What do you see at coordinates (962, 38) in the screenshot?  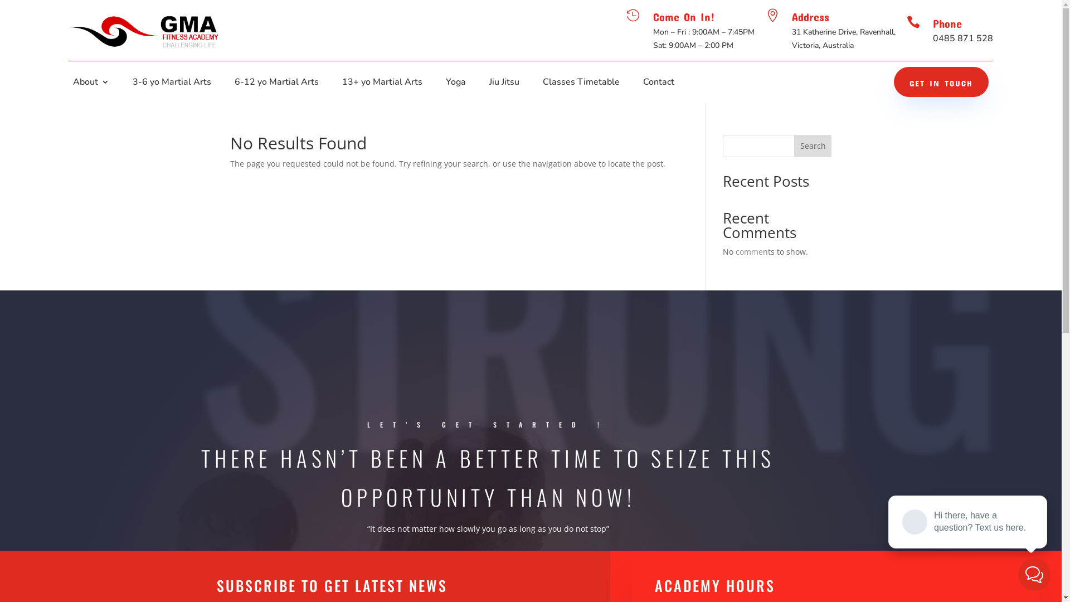 I see `'0485 871 528'` at bounding box center [962, 38].